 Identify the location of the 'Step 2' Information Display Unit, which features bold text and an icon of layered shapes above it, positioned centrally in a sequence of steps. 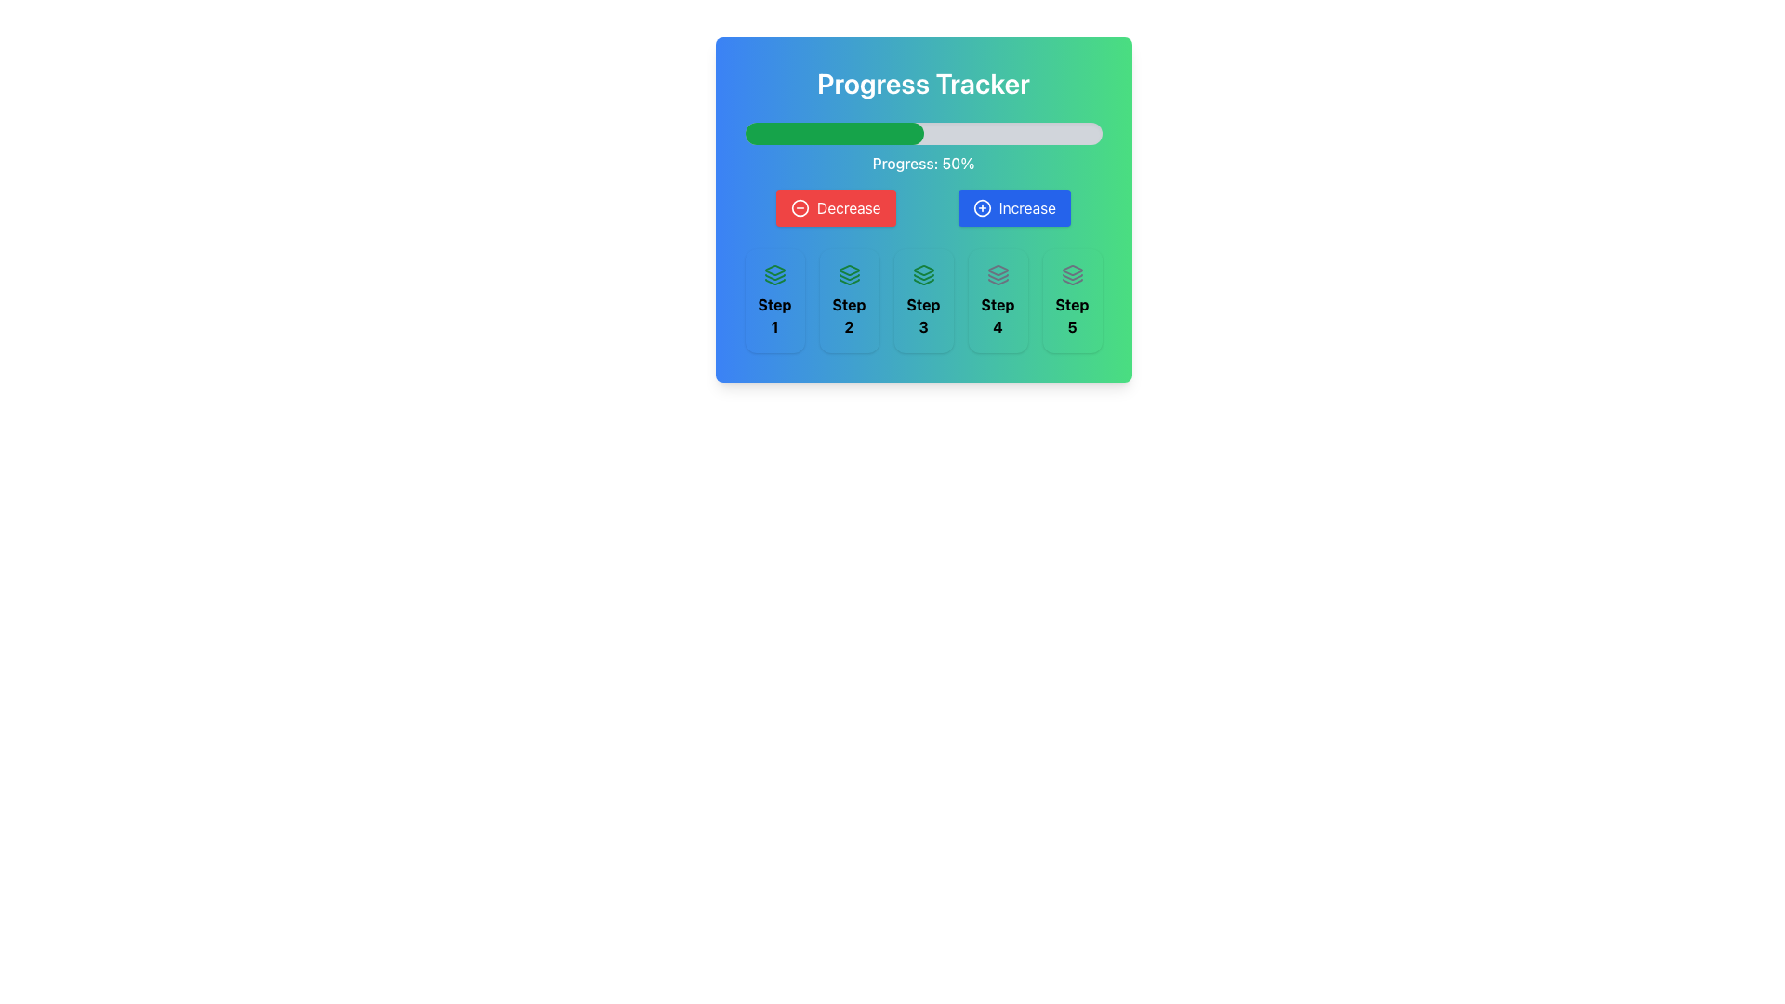
(848, 300).